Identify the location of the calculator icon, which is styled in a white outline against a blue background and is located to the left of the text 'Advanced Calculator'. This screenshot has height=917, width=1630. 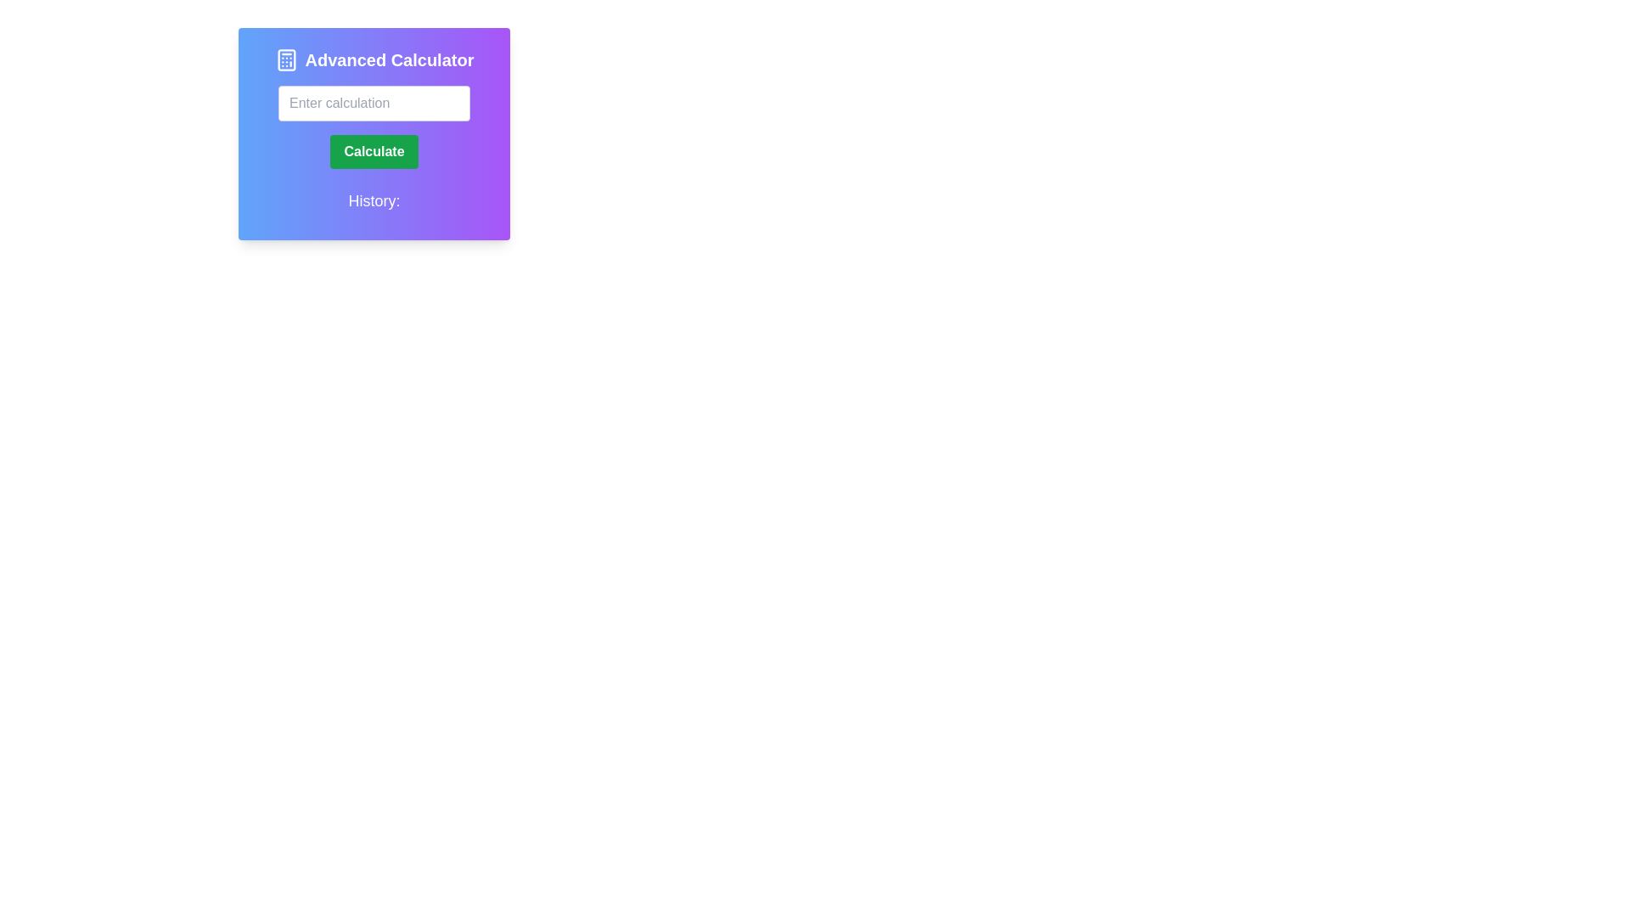
(286, 59).